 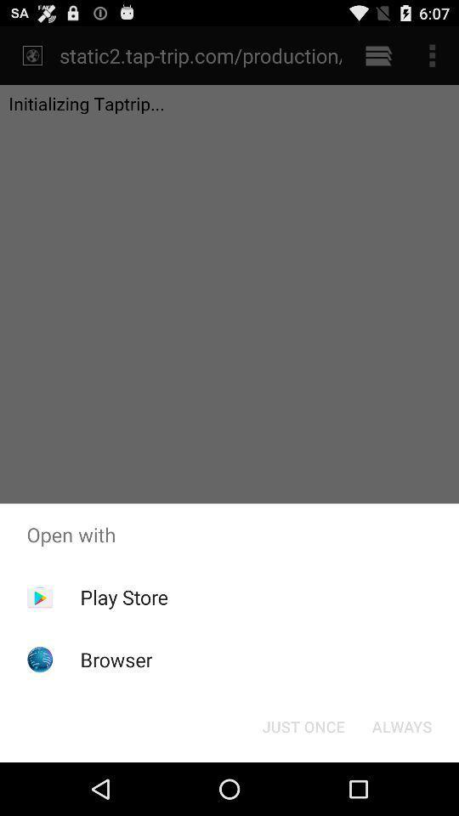 I want to click on always, so click(x=401, y=725).